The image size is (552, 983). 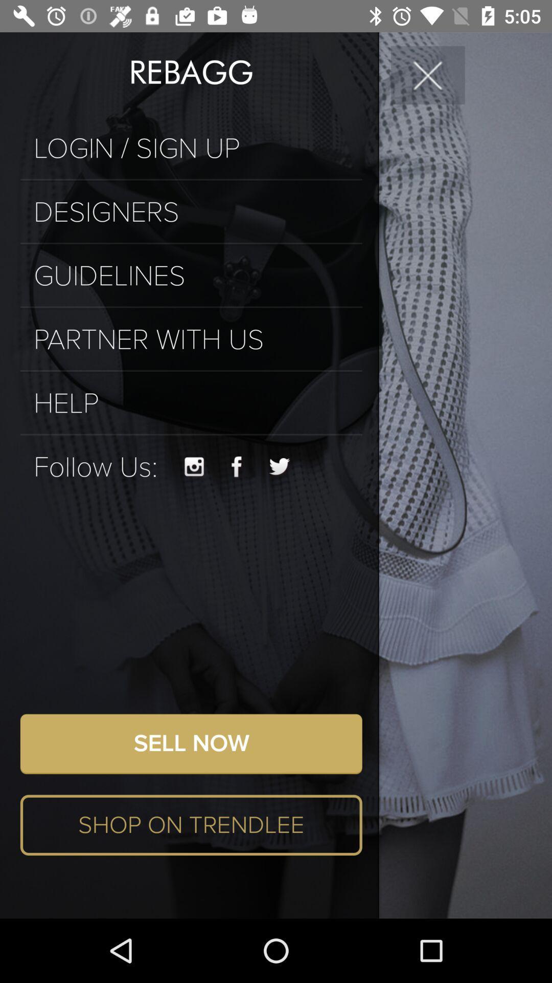 What do you see at coordinates (195, 466) in the screenshot?
I see `instagram button on page` at bounding box center [195, 466].